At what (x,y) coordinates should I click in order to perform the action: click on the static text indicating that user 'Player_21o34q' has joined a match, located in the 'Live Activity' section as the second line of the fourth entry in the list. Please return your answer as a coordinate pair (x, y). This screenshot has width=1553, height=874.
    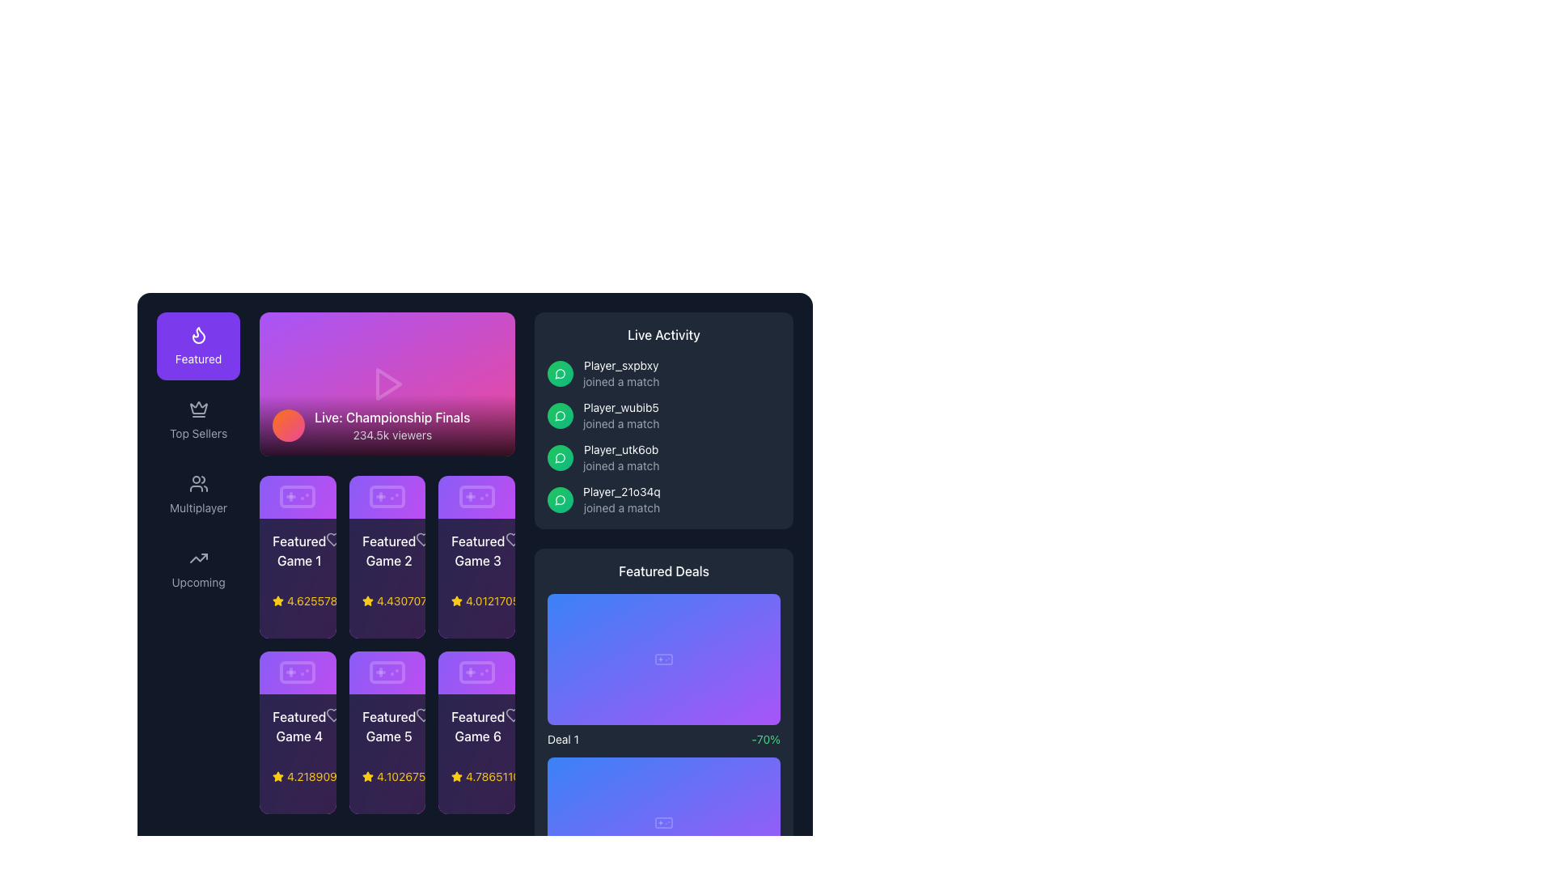
    Looking at the image, I should click on (620, 507).